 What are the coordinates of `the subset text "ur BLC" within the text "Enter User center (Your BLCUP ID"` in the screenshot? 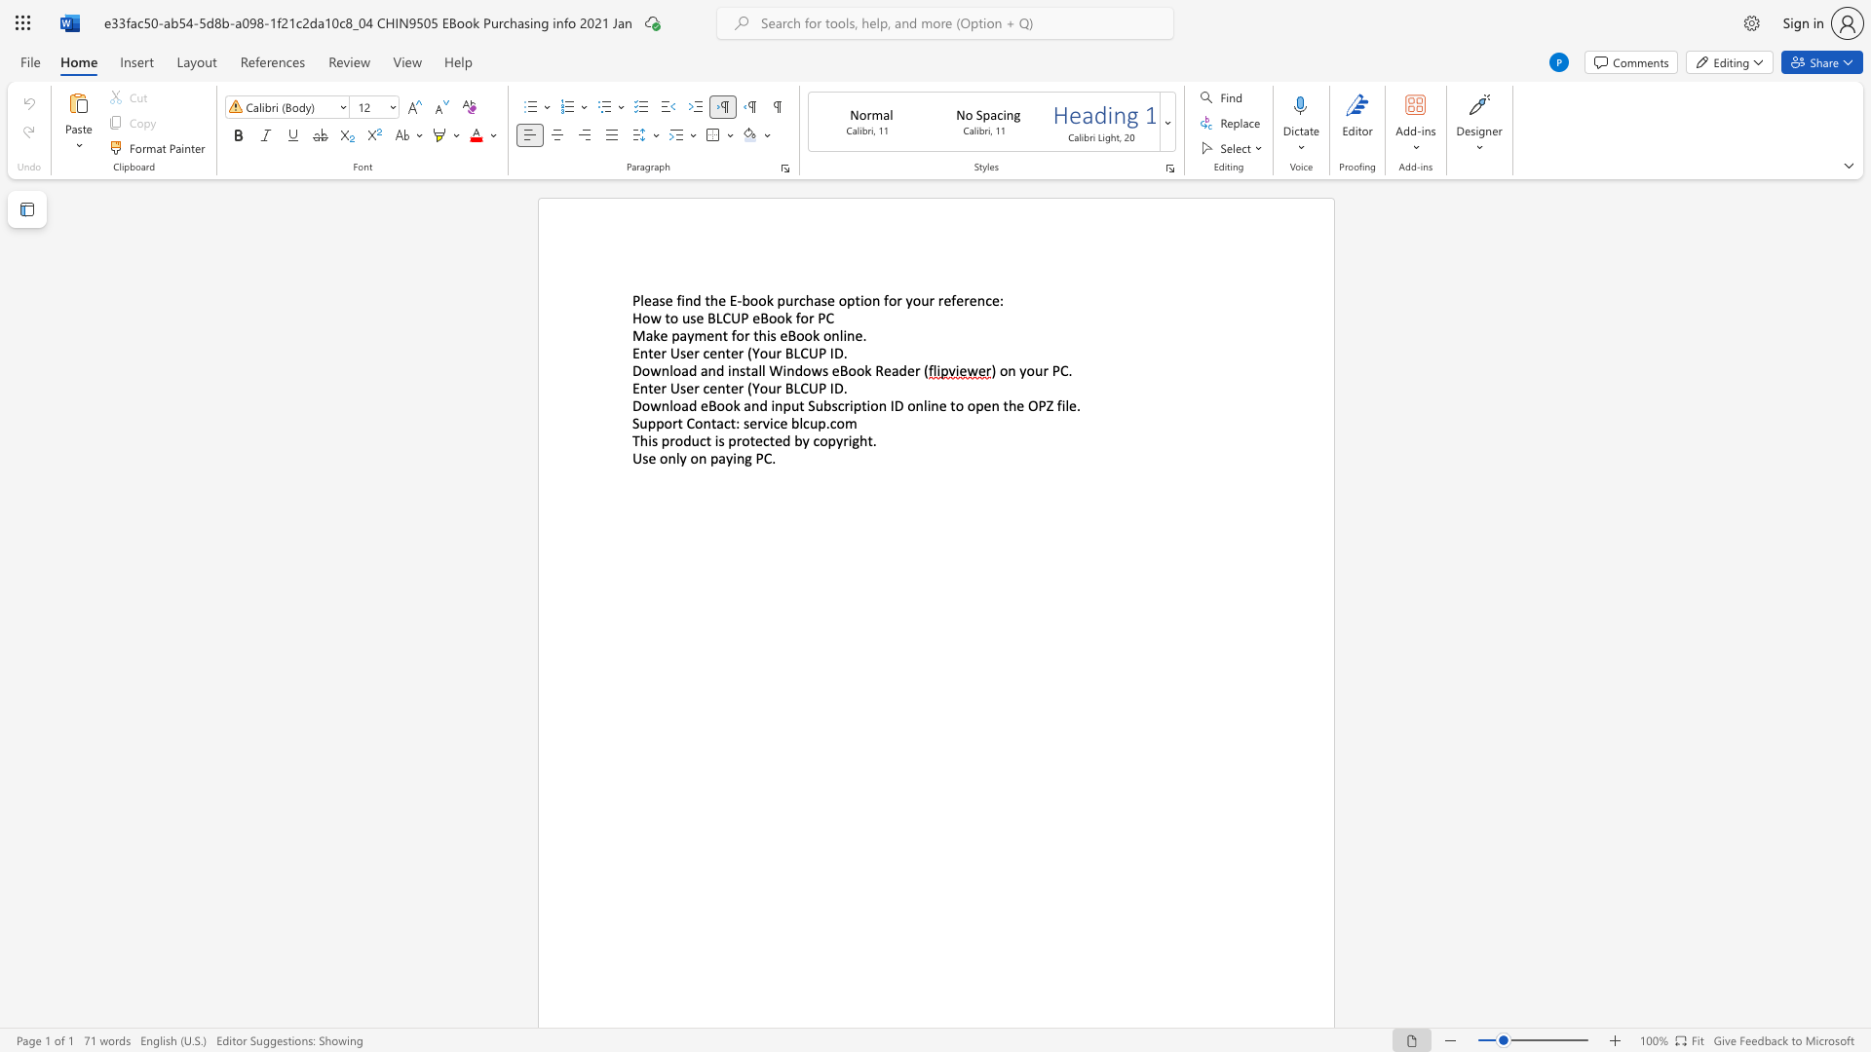 It's located at (767, 353).